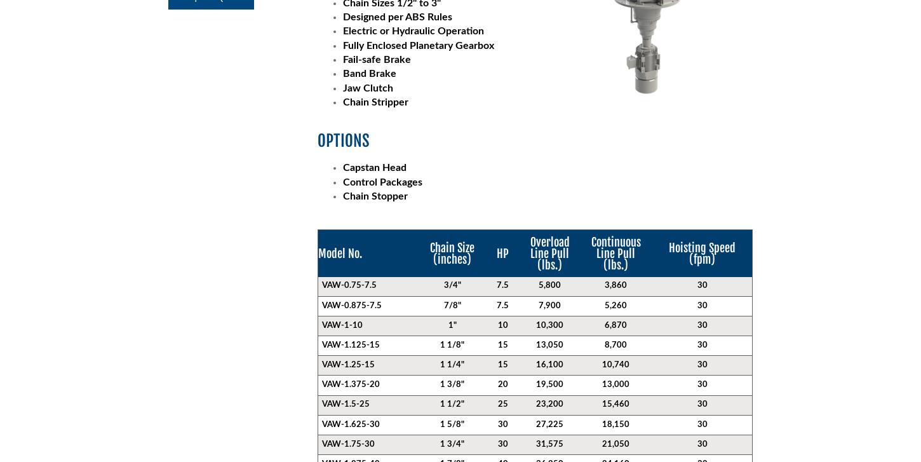  What do you see at coordinates (536, 384) in the screenshot?
I see `'19,500'` at bounding box center [536, 384].